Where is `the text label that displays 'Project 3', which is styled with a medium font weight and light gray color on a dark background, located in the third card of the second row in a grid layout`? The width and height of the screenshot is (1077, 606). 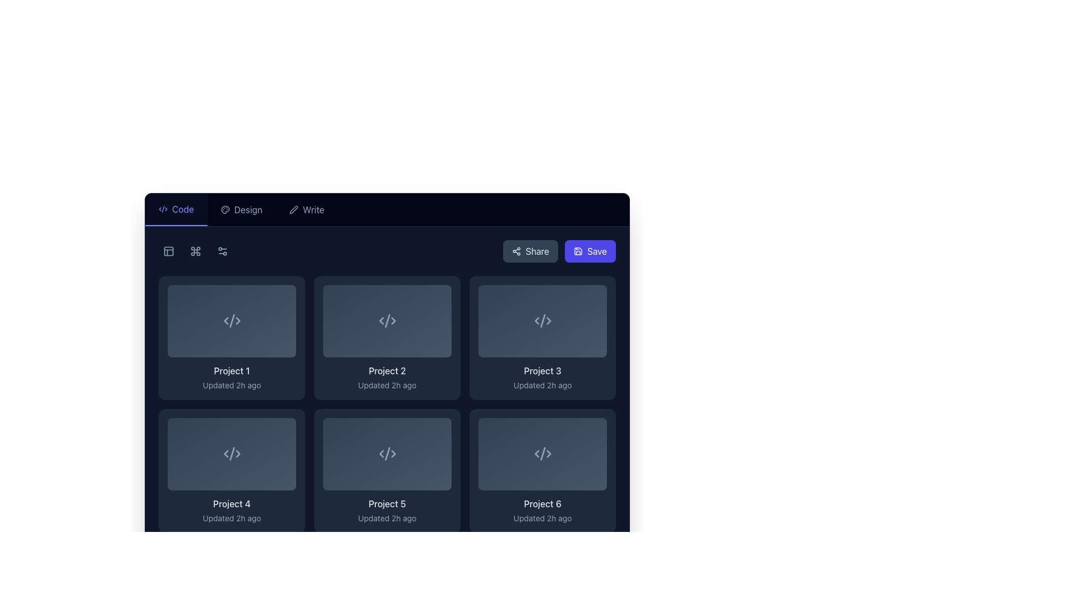
the text label that displays 'Project 3', which is styled with a medium font weight and light gray color on a dark background, located in the third card of the second row in a grid layout is located at coordinates (542, 370).